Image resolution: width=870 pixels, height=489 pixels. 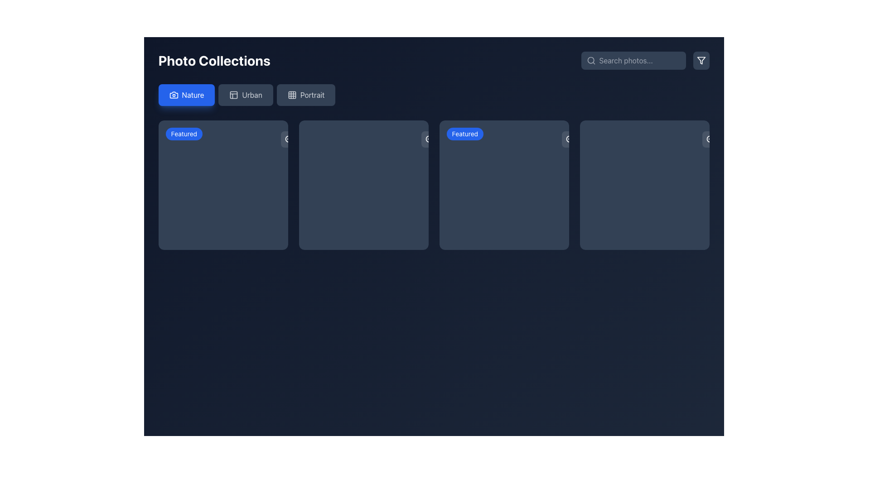 I want to click on the circular graphical element with a border located centrally within the second card from the left in the grid of cards, so click(x=337, y=139).